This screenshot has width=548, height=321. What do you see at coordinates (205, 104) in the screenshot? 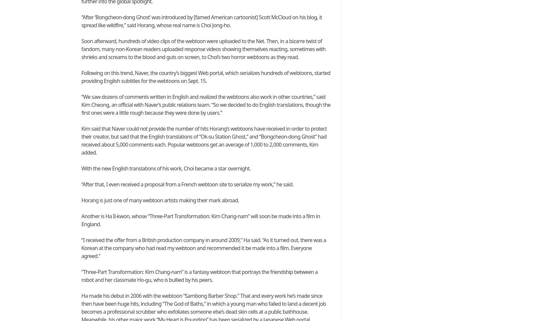
I see `'“We saw dozens of comments written in English and realized the webtoons also work in other countries,” said Kim Cheong, an official with Naver’s public relations team. “So we decided to do English translations, though the first ones were a little rough because they were done by users.”'` at bounding box center [205, 104].